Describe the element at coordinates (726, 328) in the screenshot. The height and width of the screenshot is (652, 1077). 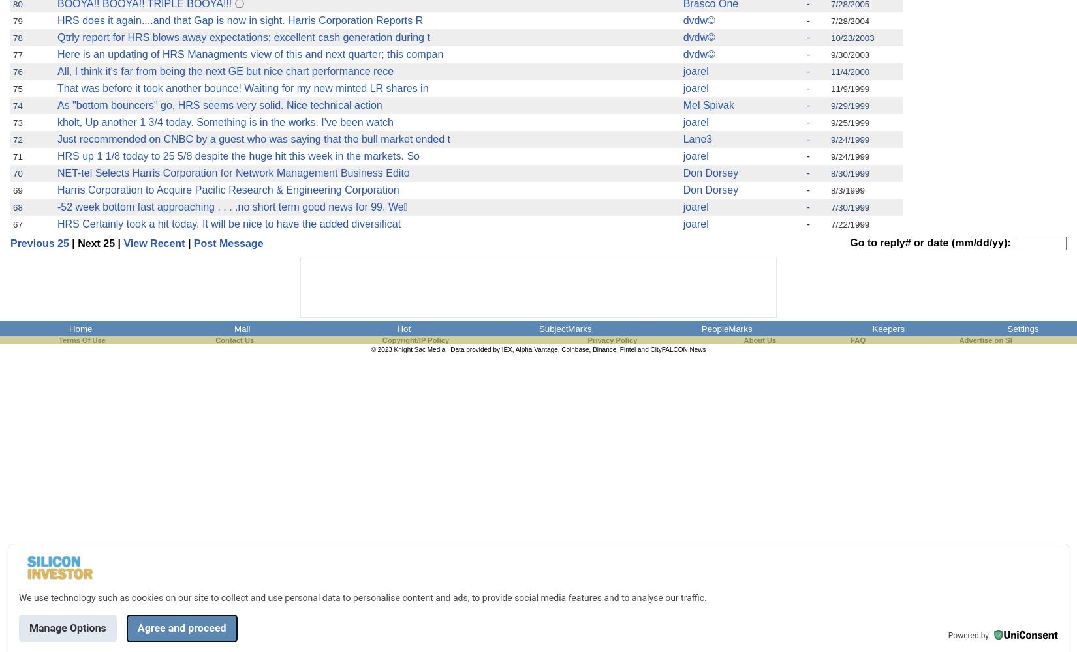
I see `'PeopleMarks'` at that location.